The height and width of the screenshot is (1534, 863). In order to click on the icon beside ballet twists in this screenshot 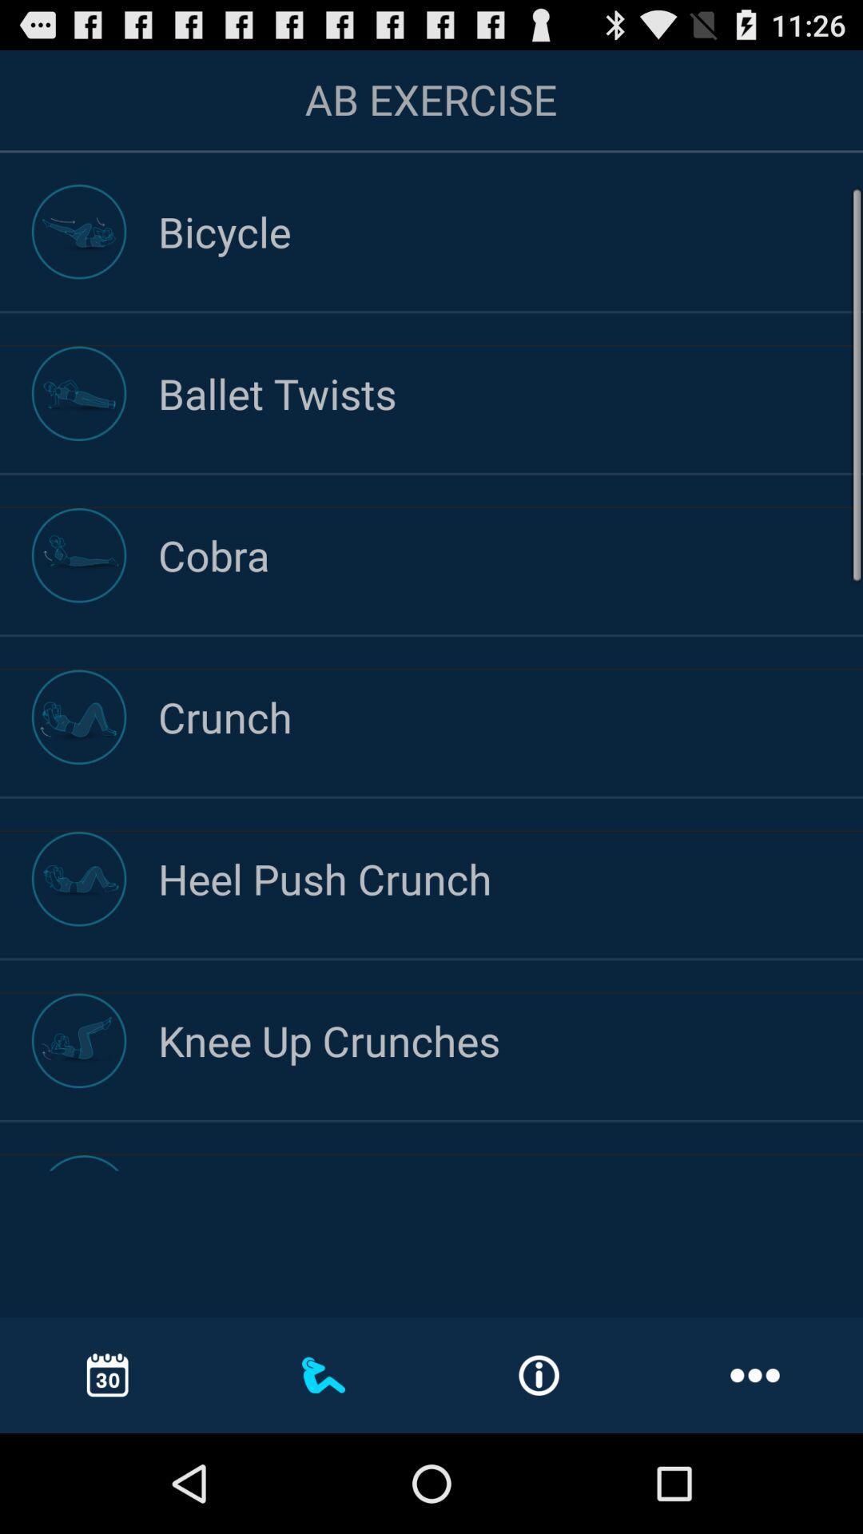, I will do `click(79, 394)`.